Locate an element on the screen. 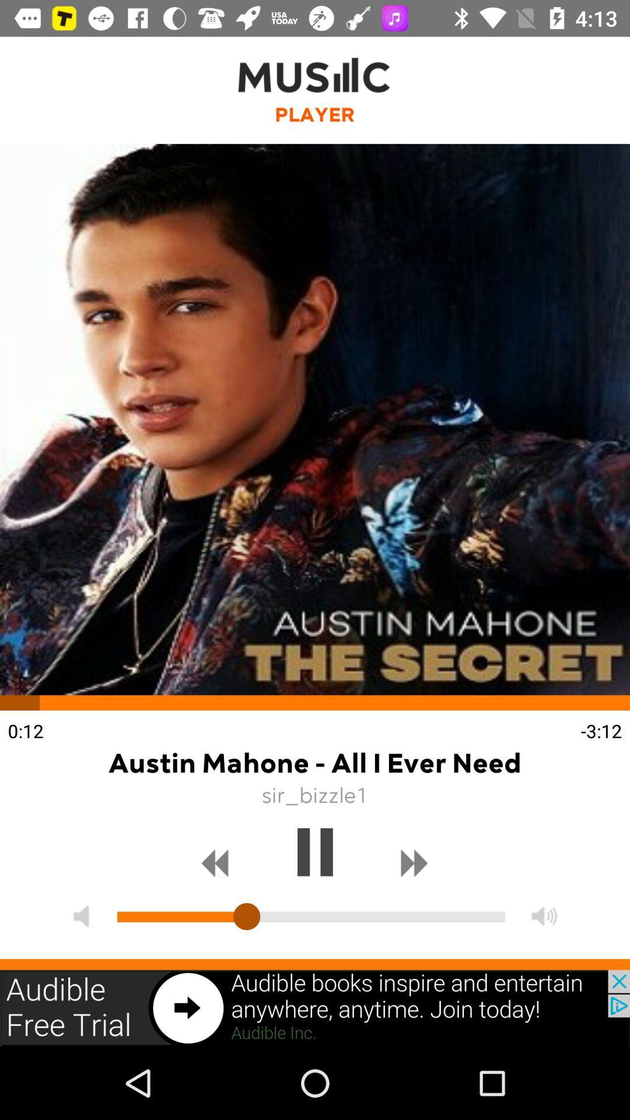  next song is located at coordinates (414, 863).